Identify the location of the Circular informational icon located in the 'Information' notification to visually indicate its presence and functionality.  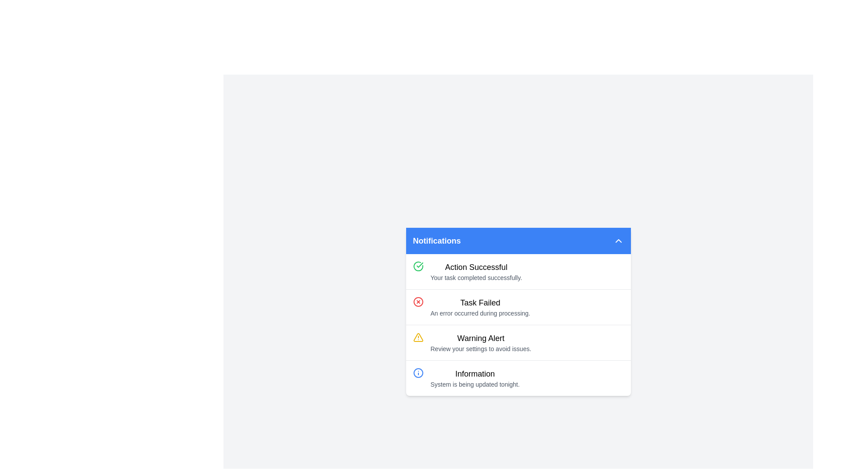
(418, 373).